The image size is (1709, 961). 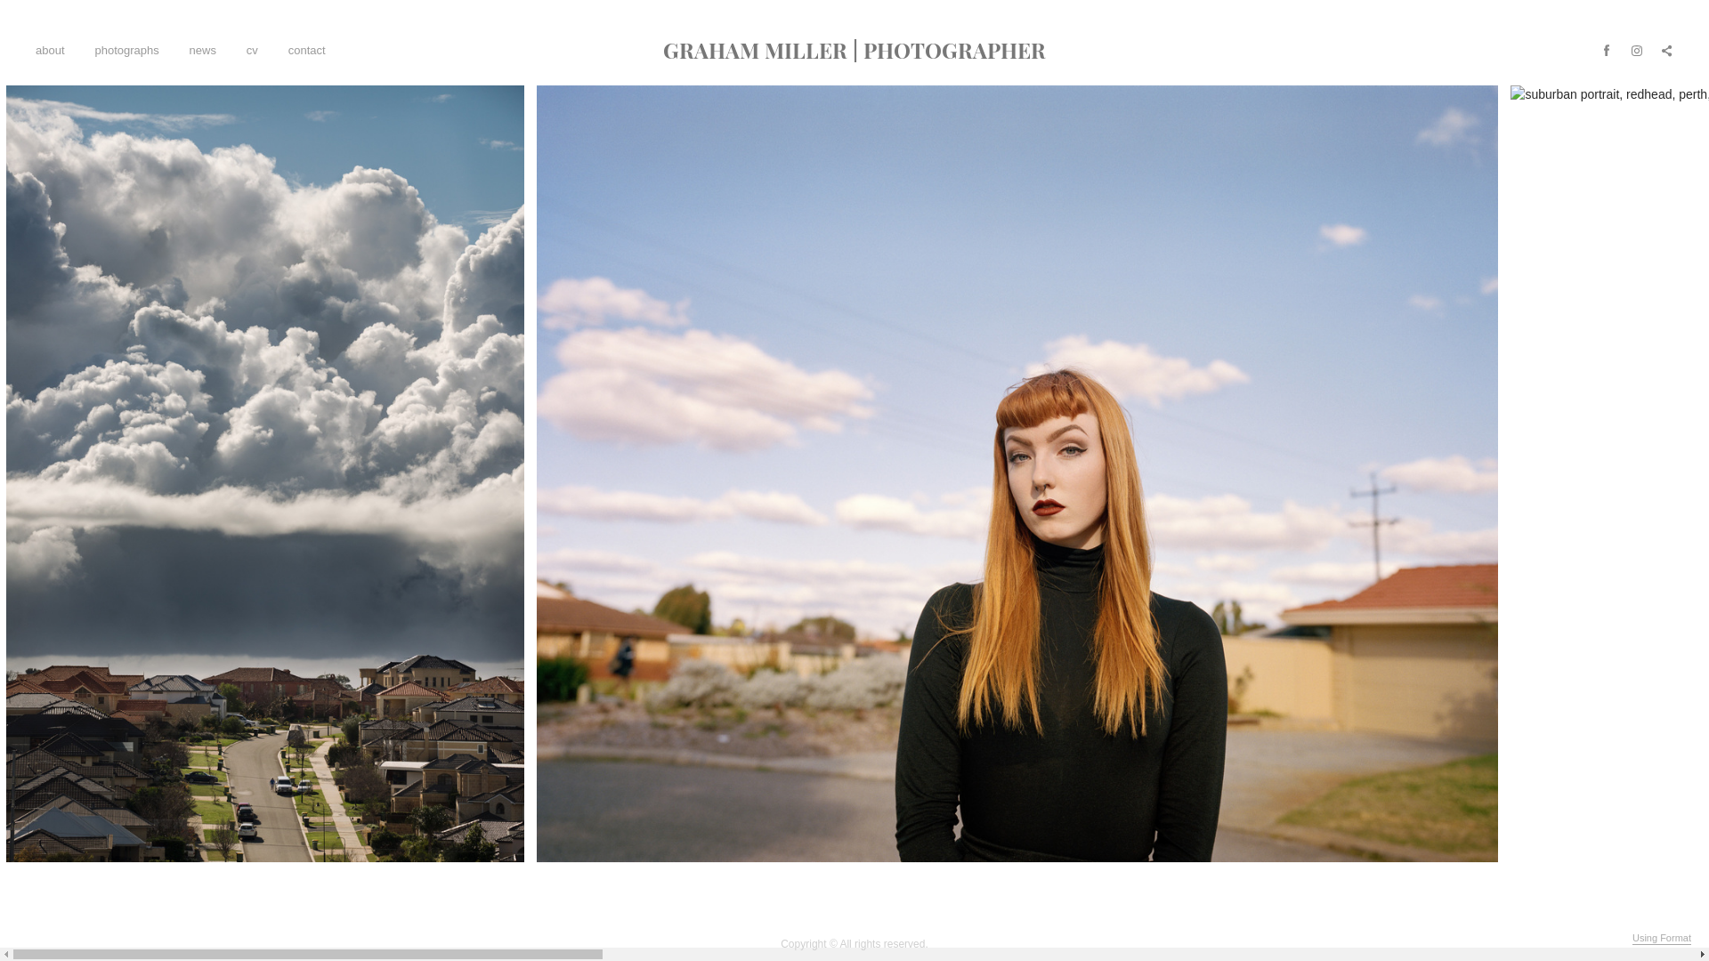 I want to click on 'cv', so click(x=246, y=49).